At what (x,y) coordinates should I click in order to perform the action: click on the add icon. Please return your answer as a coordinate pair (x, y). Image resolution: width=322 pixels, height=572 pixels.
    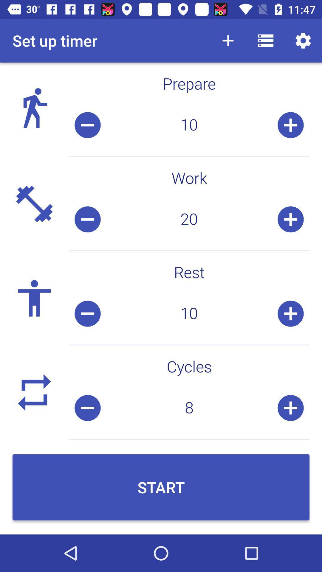
    Looking at the image, I should click on (290, 313).